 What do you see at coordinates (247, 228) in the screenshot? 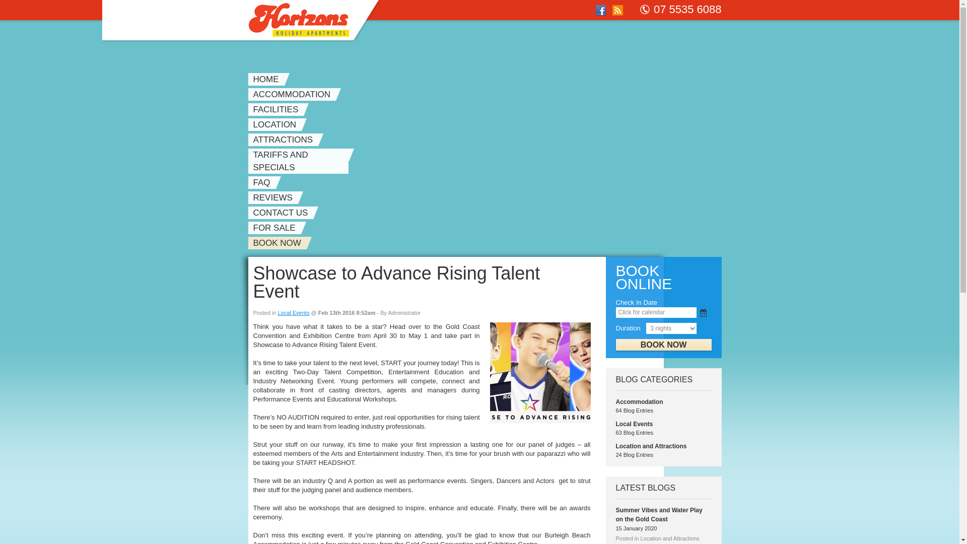
I see `'FOR SALE'` at bounding box center [247, 228].